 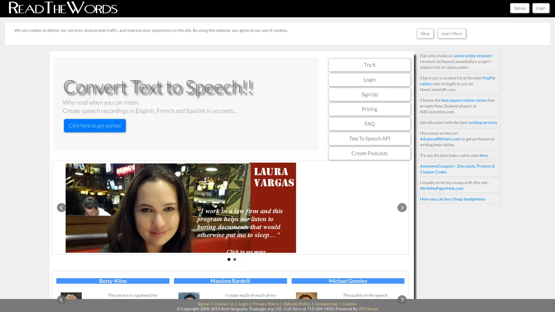 I want to click on Login, so click(x=541, y=8).